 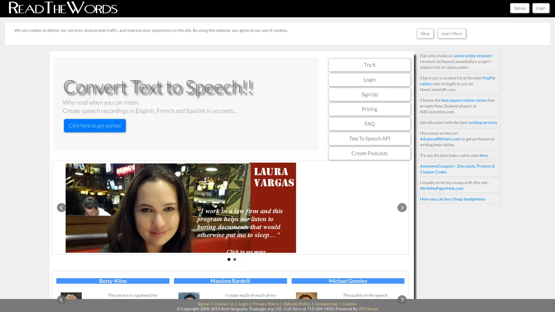 I want to click on Login, so click(x=541, y=8).